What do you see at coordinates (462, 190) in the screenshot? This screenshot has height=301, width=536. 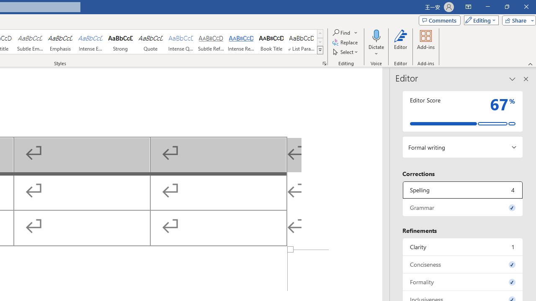 I see `'Spelling, 4 issues. Press space or enter to review items.'` at bounding box center [462, 190].